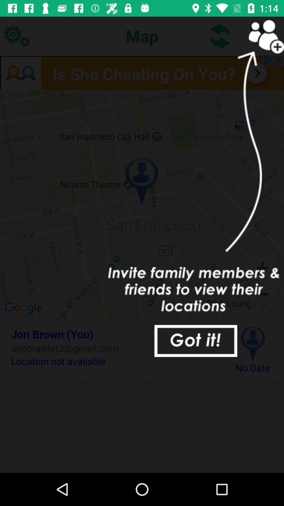 This screenshot has height=506, width=284. What do you see at coordinates (115, 334) in the screenshot?
I see `the icon above appcrawler3@gmail.com` at bounding box center [115, 334].